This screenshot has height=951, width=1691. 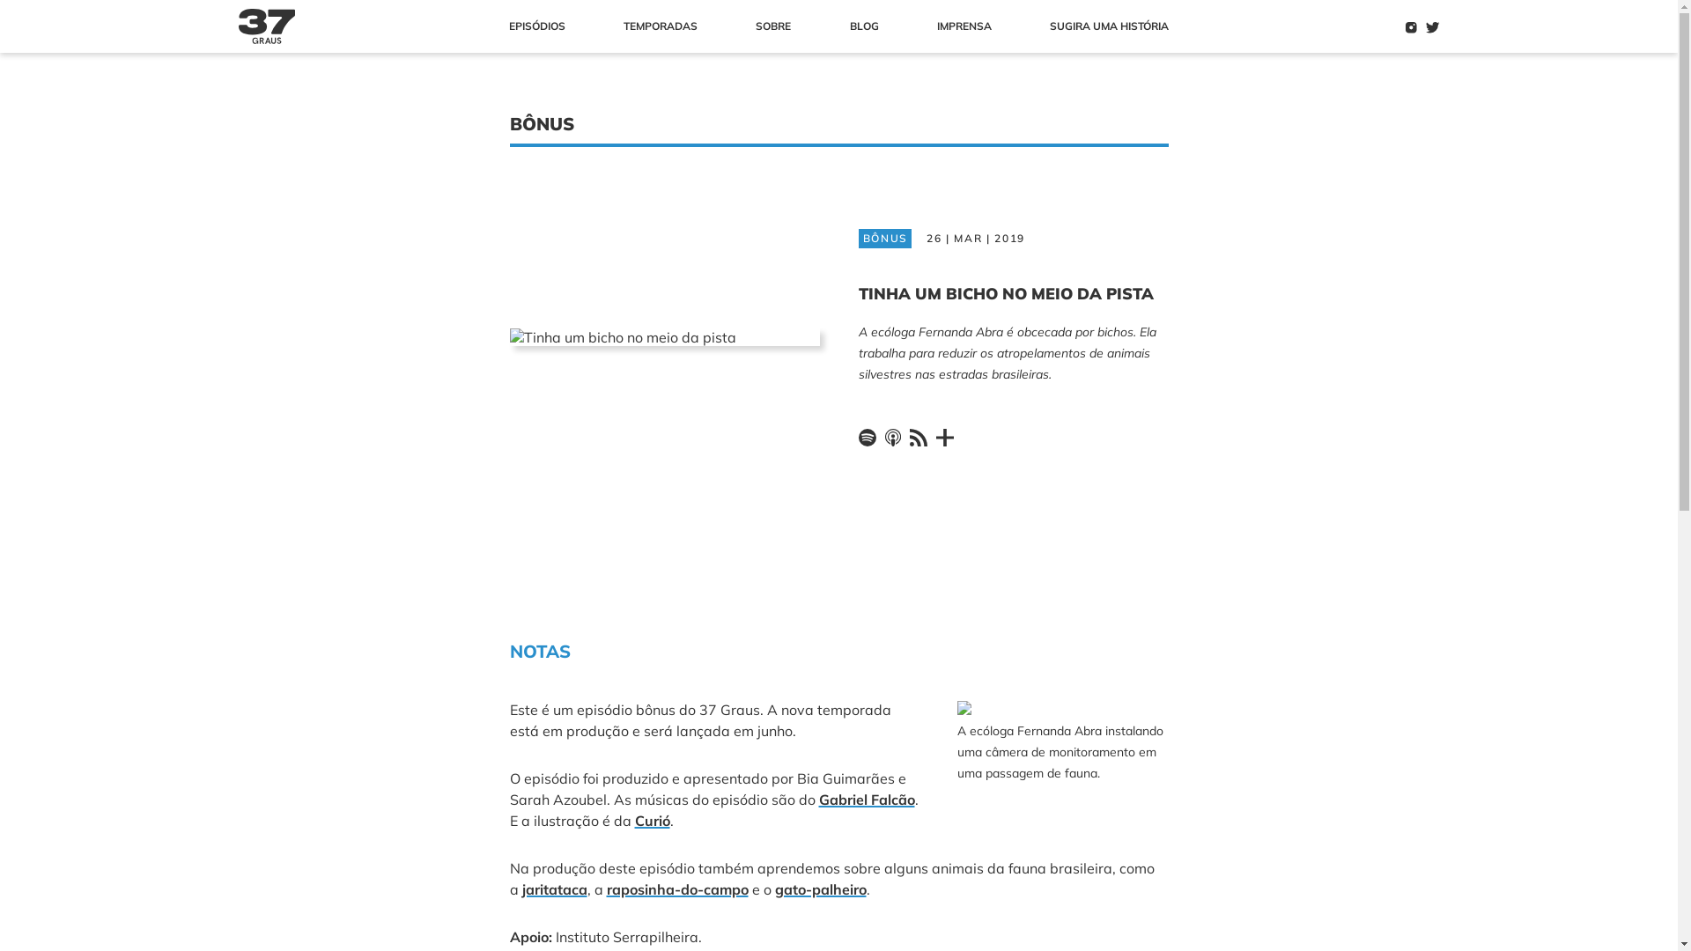 What do you see at coordinates (624, 26) in the screenshot?
I see `'TEMPORADAS'` at bounding box center [624, 26].